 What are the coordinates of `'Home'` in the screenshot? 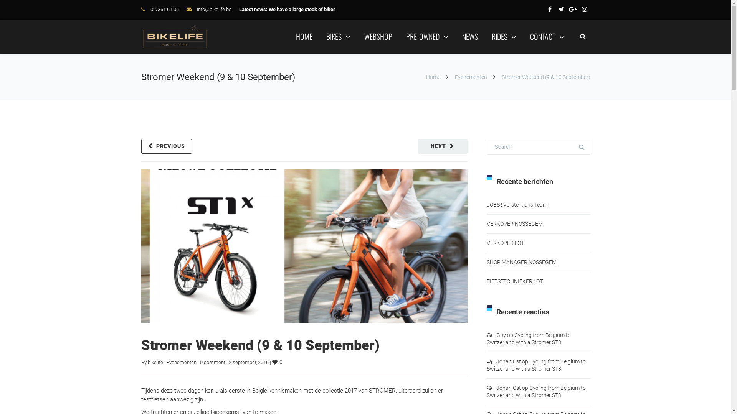 It's located at (433, 77).